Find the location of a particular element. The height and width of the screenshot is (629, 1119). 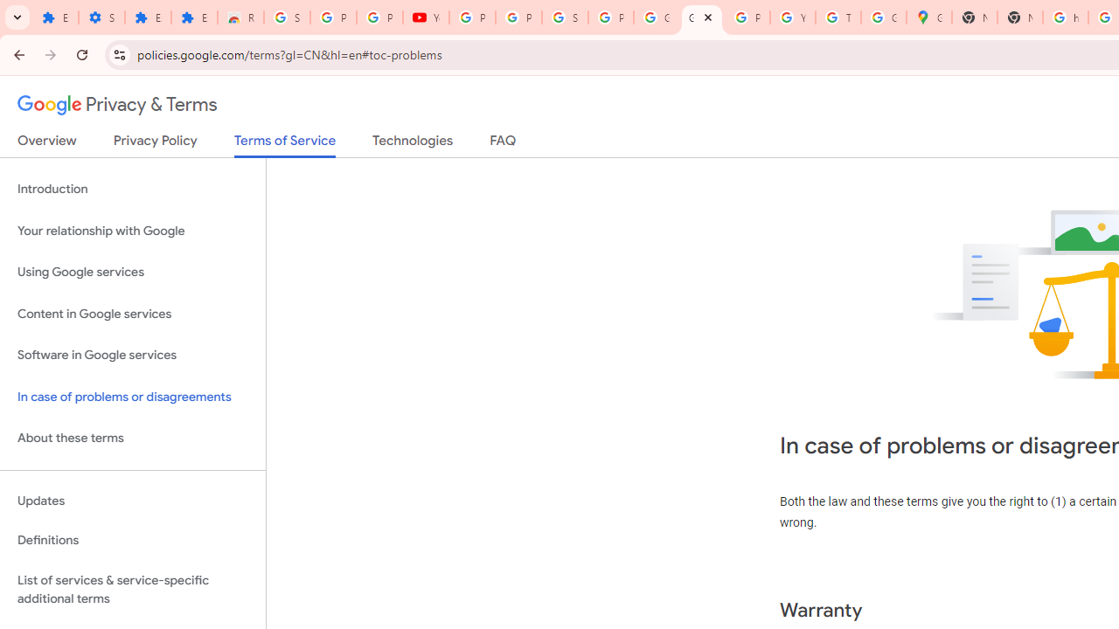

'Your relationship with Google' is located at coordinates (132, 230).